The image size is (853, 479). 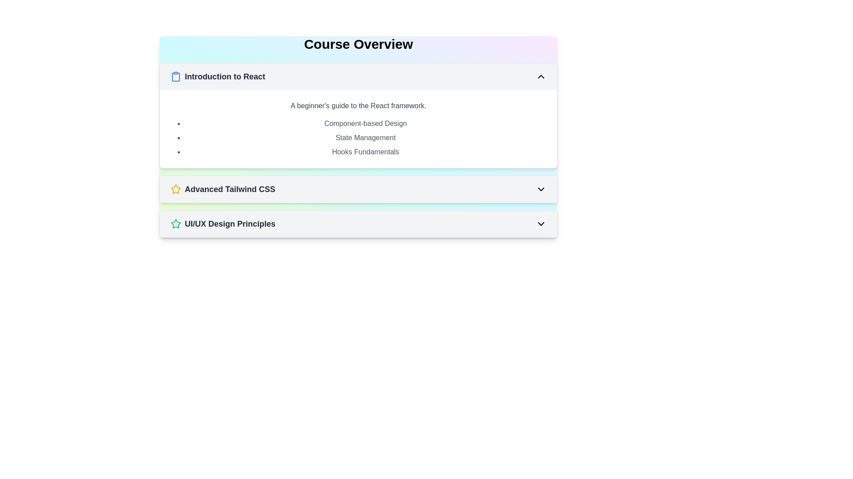 I want to click on the static text element that provides an introductory description for the React framework, located below the 'Introduction to React' title, so click(x=358, y=106).